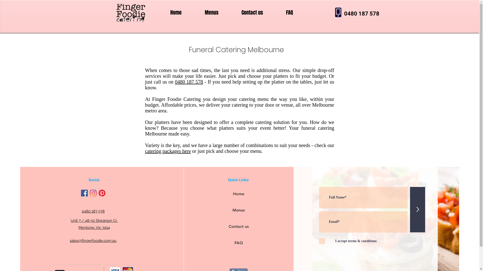 Image resolution: width=483 pixels, height=271 pixels. What do you see at coordinates (78, 227) in the screenshot?
I see `'Mentone, Vic 3194'` at bounding box center [78, 227].